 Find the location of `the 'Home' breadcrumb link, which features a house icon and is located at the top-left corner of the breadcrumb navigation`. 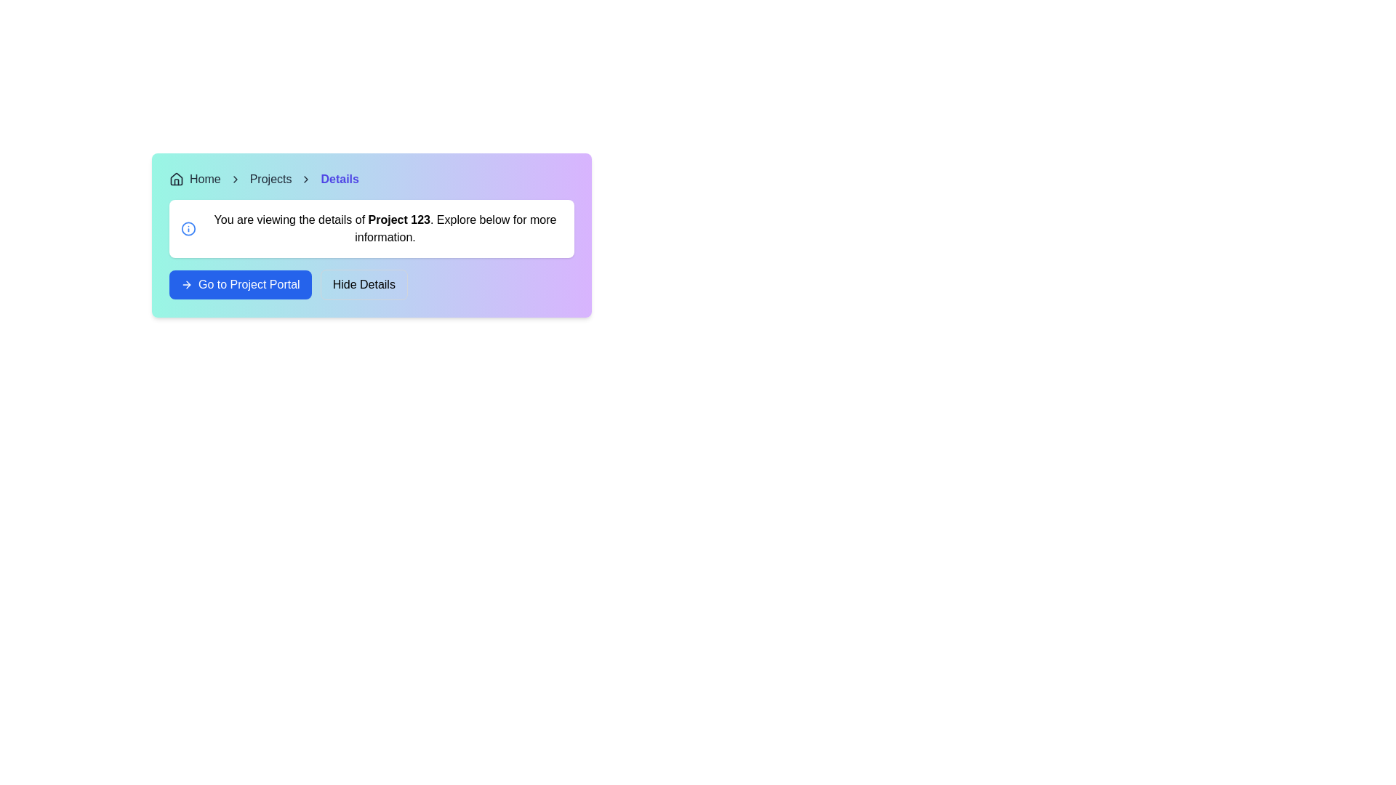

the 'Home' breadcrumb link, which features a house icon and is located at the top-left corner of the breadcrumb navigation is located at coordinates (194, 178).